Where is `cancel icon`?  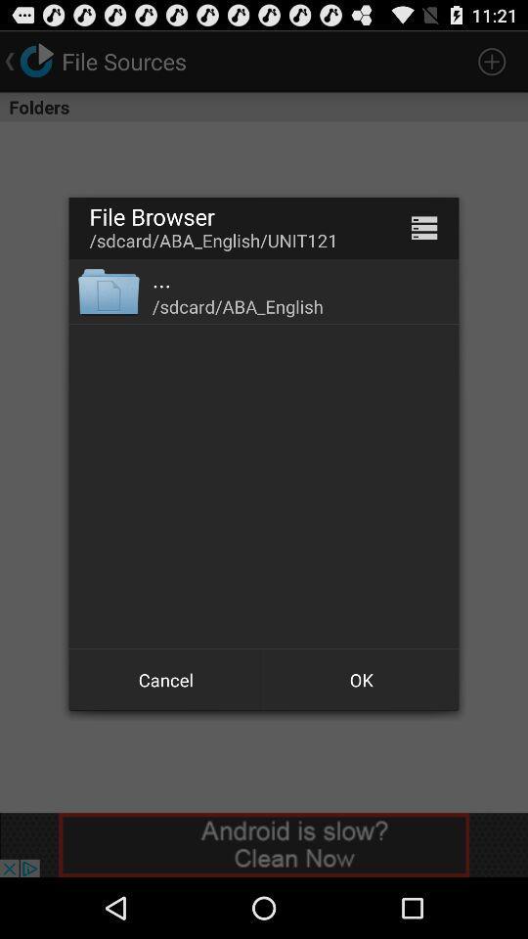 cancel icon is located at coordinates (166, 680).